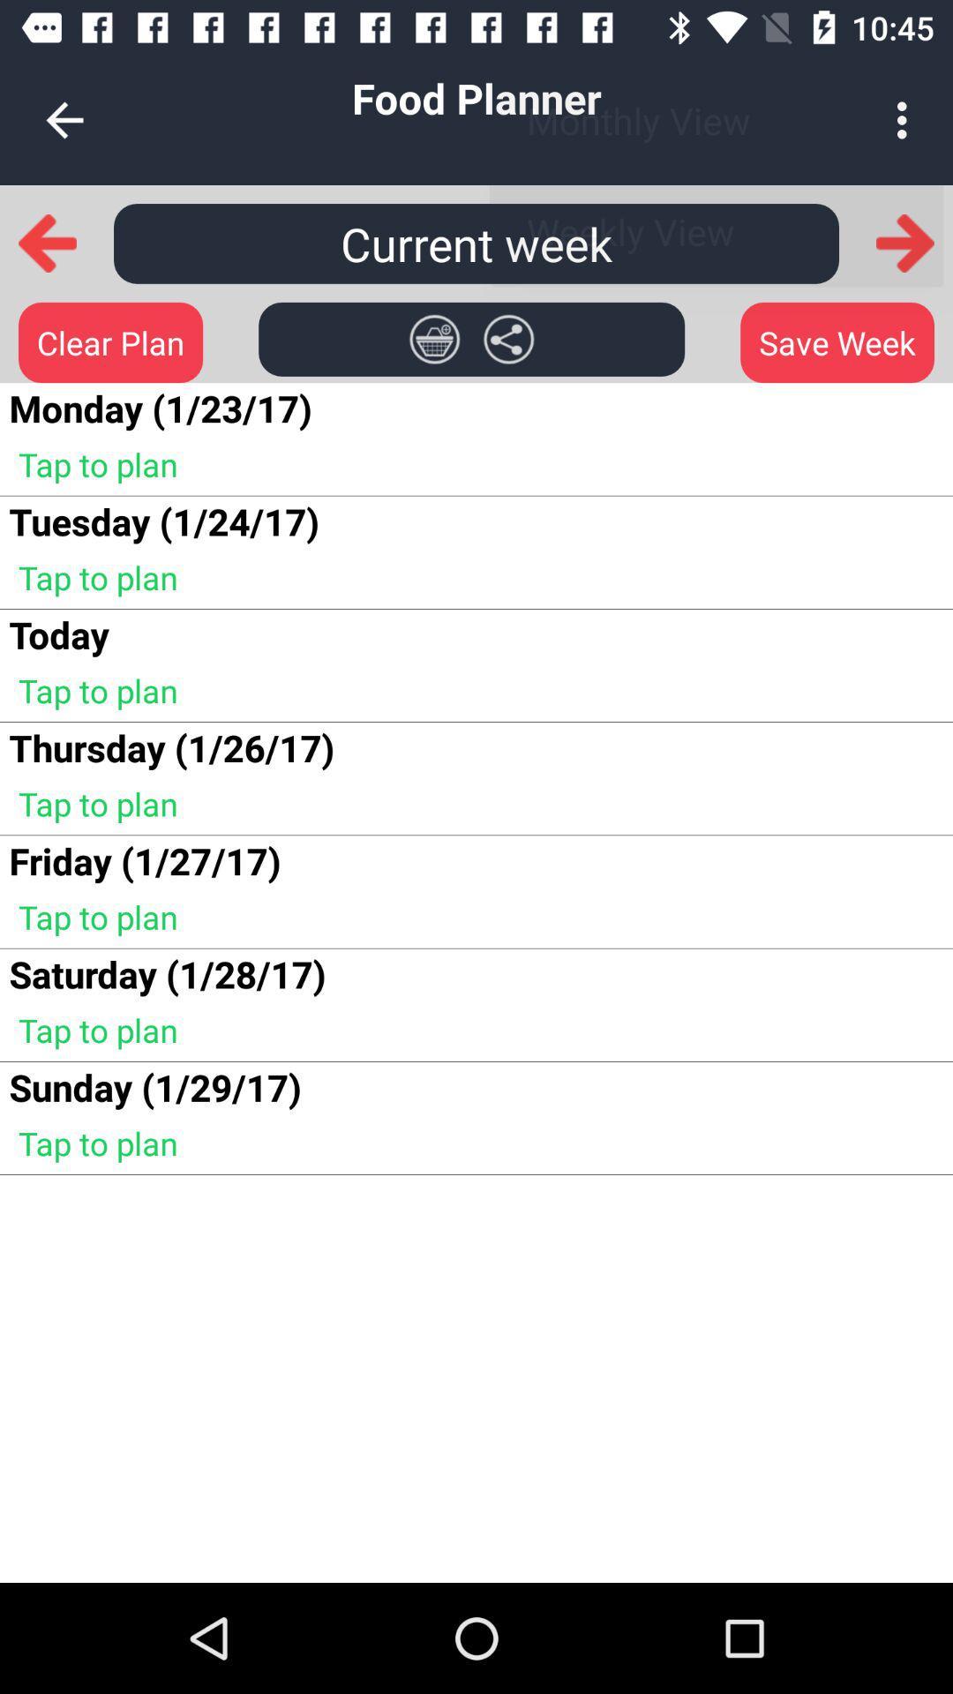 This screenshot has height=1694, width=953. Describe the element at coordinates (434, 339) in the screenshot. I see `icon to the right of monday 1 23` at that location.